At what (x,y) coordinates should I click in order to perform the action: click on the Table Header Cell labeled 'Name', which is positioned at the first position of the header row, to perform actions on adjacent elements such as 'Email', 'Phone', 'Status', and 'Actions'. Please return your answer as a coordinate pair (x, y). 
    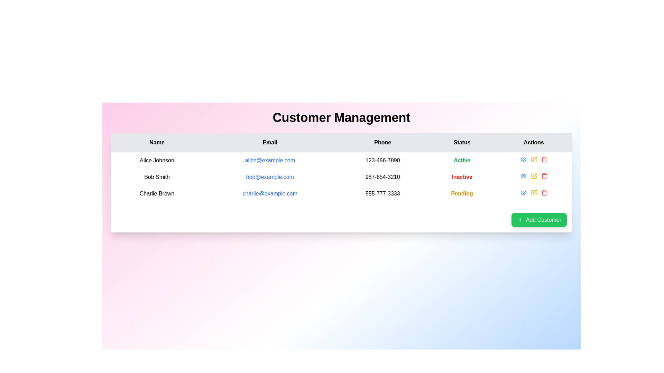
    Looking at the image, I should click on (157, 142).